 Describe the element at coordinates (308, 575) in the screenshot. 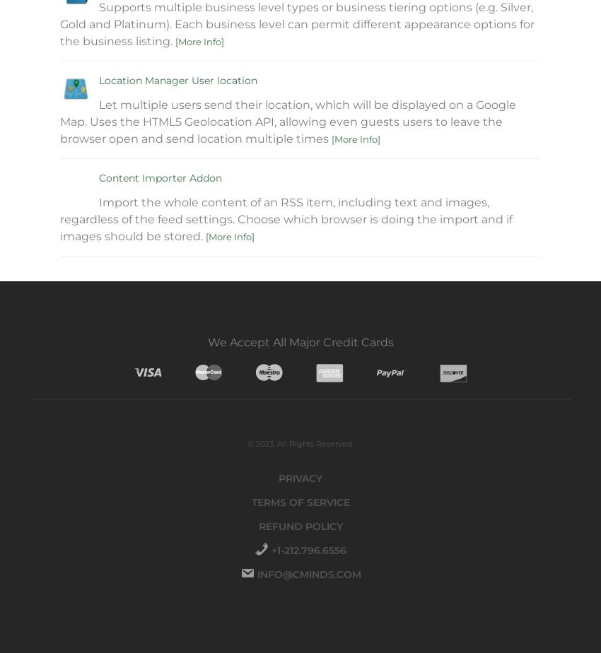

I see `'info@cminds.com'` at that location.